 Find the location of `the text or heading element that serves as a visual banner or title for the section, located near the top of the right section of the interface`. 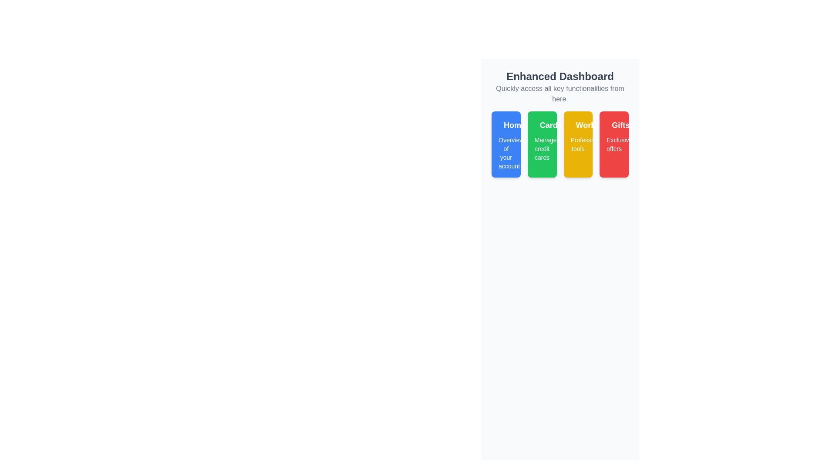

the text or heading element that serves as a visual banner or title for the section, located near the top of the right section of the interface is located at coordinates (560, 76).